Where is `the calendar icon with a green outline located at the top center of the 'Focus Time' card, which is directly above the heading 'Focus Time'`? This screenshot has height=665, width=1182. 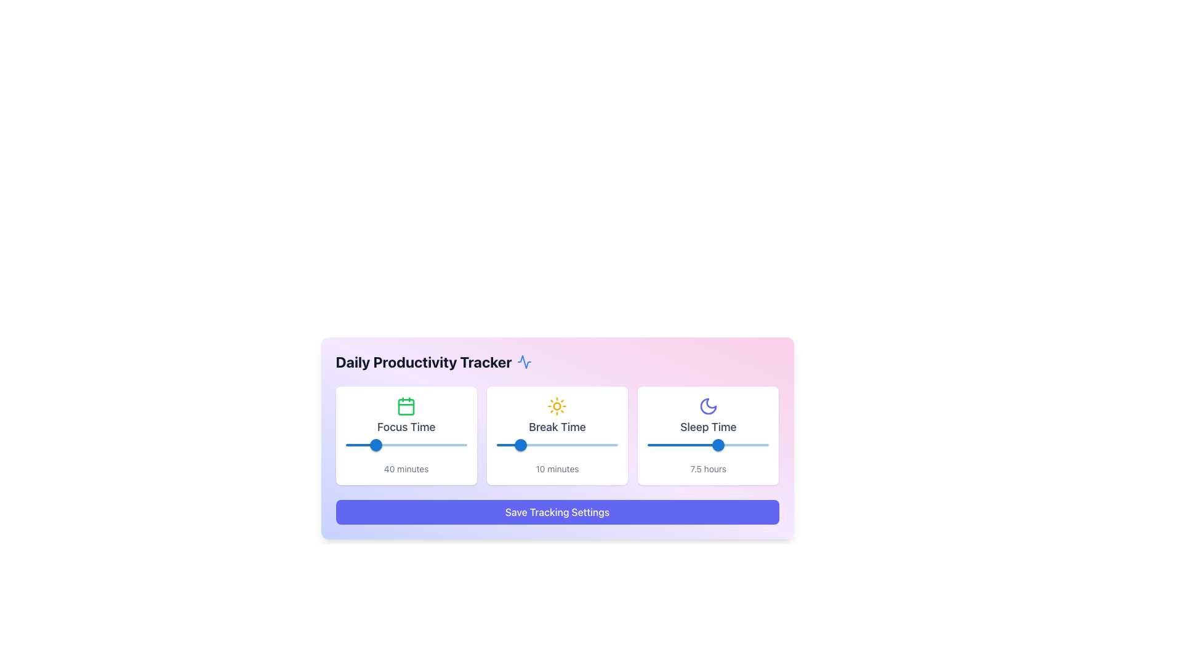 the calendar icon with a green outline located at the top center of the 'Focus Time' card, which is directly above the heading 'Focus Time' is located at coordinates (406, 406).